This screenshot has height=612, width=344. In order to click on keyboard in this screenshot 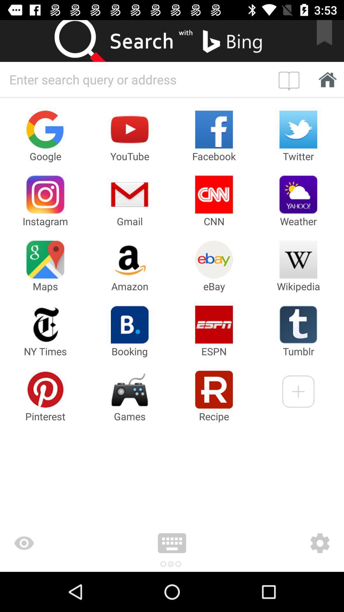, I will do `click(172, 543)`.